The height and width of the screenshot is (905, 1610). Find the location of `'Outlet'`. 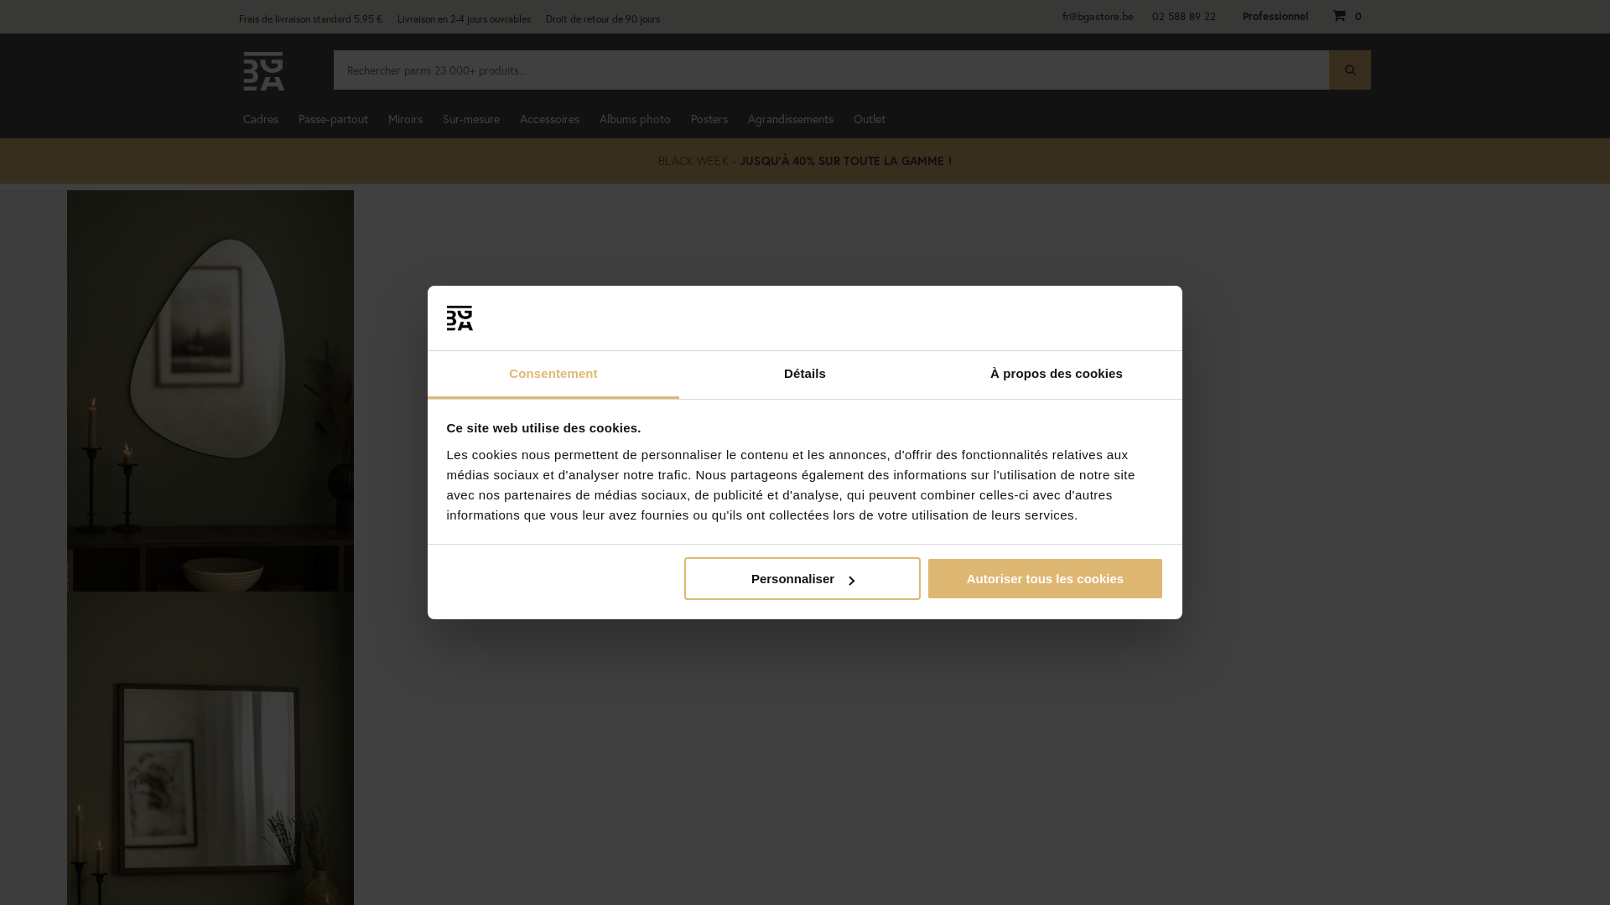

'Outlet' is located at coordinates (869, 117).